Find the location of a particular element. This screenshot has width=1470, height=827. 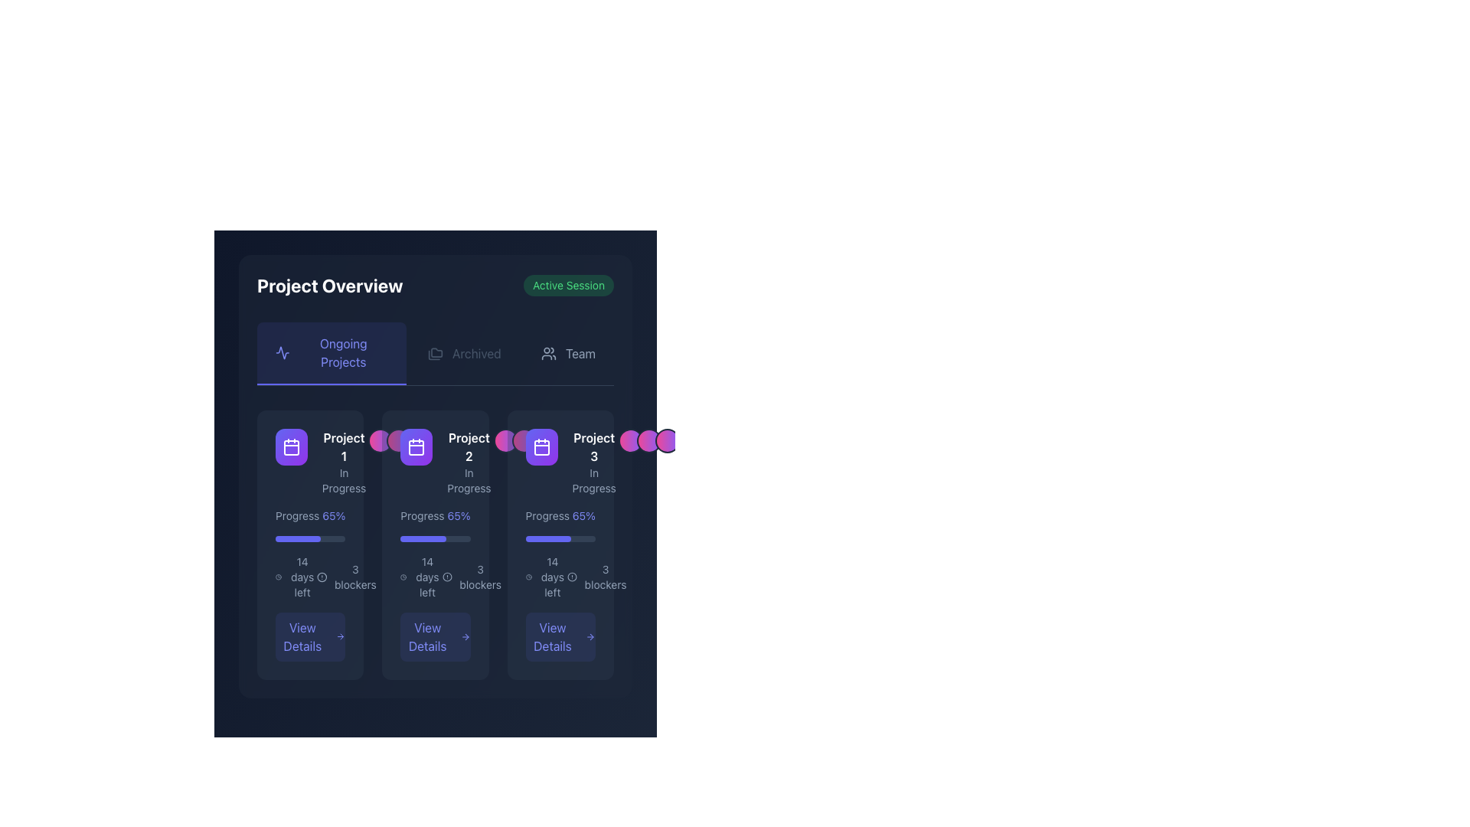

the 'Project 2' card item which shows its status as 'In Progress' is located at coordinates (434, 462).